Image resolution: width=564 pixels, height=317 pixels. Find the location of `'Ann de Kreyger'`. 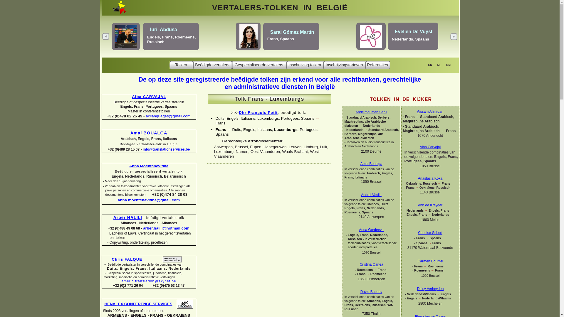

'Ann de Kreyger' is located at coordinates (430, 205).